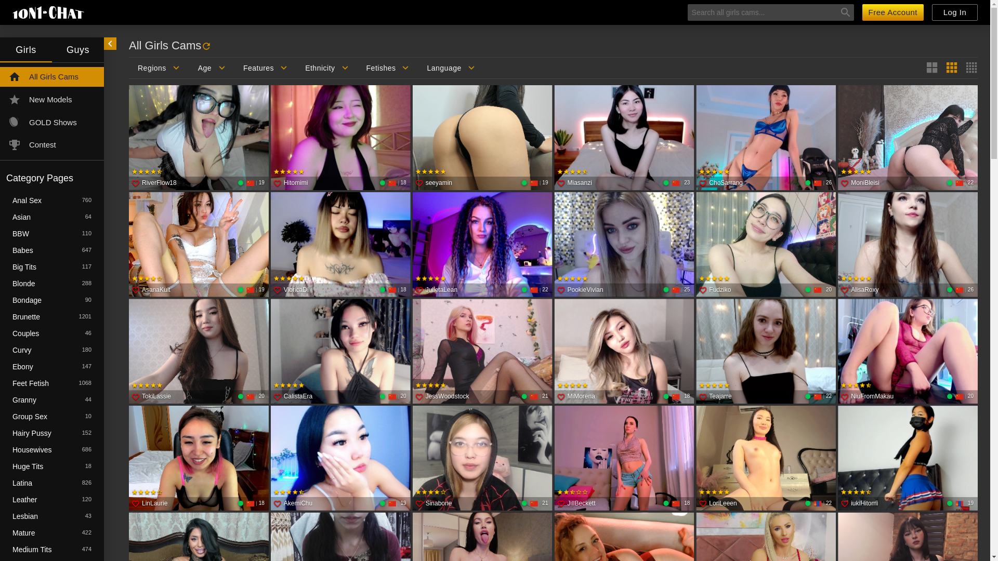  Describe the element at coordinates (907, 245) in the screenshot. I see `'AlisaRoxy` at that location.